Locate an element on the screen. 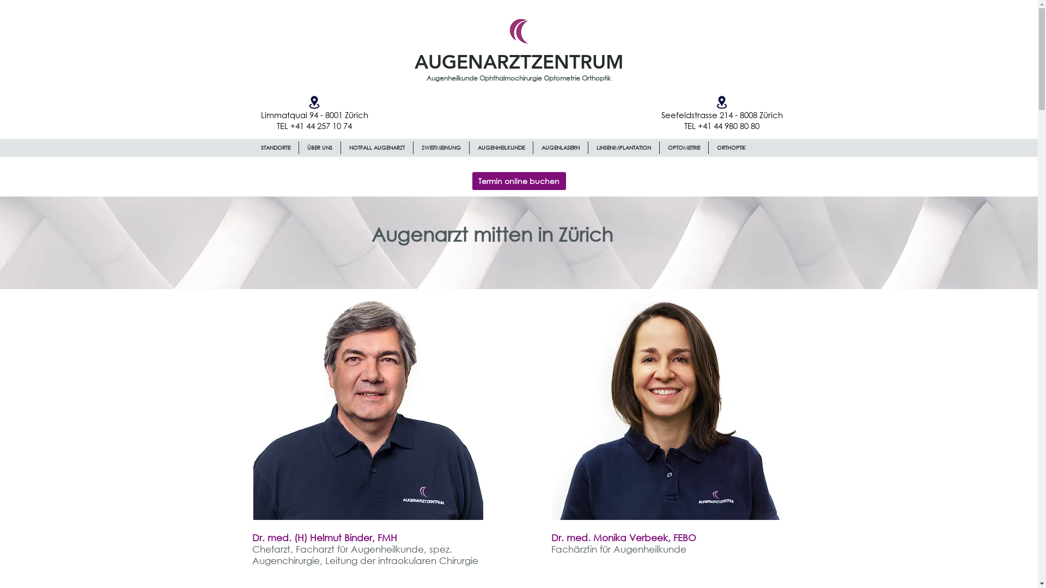 This screenshot has width=1046, height=588. 'Dr. med. Monika Verbeek' is located at coordinates (666, 405).